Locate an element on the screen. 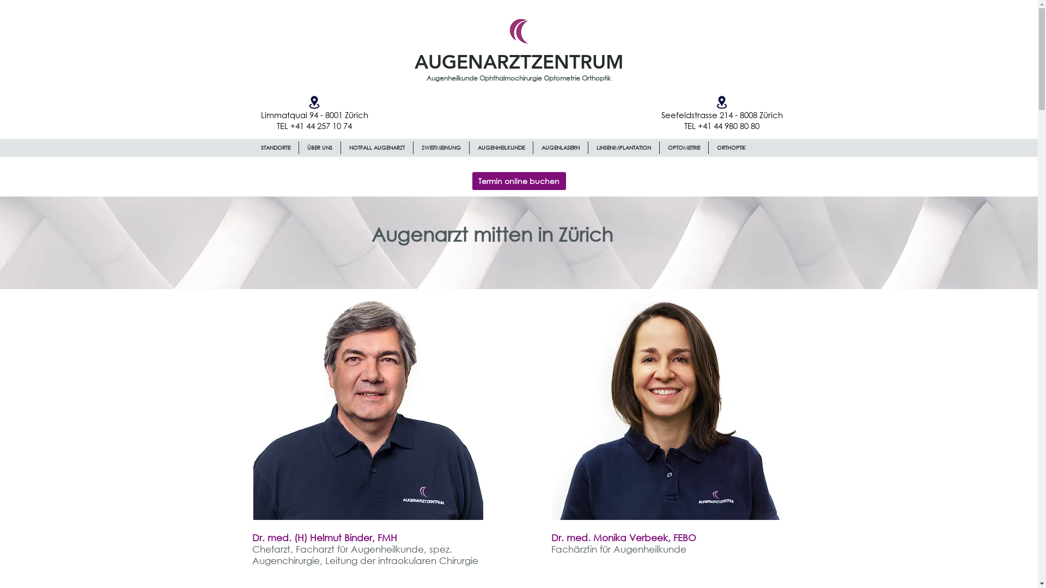 This screenshot has width=1046, height=588. 'Dr. med. Monika Verbeek' is located at coordinates (666, 405).